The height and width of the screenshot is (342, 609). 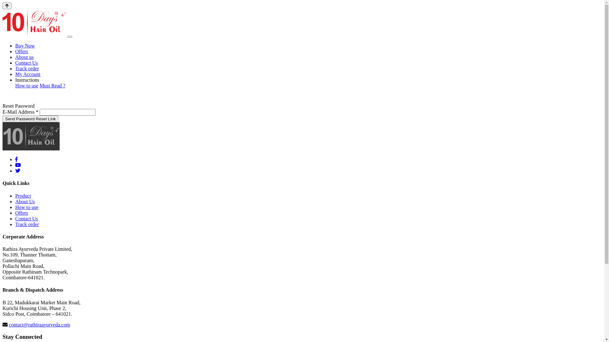 I want to click on '10 Days Hair Oil twitter', so click(x=18, y=170).